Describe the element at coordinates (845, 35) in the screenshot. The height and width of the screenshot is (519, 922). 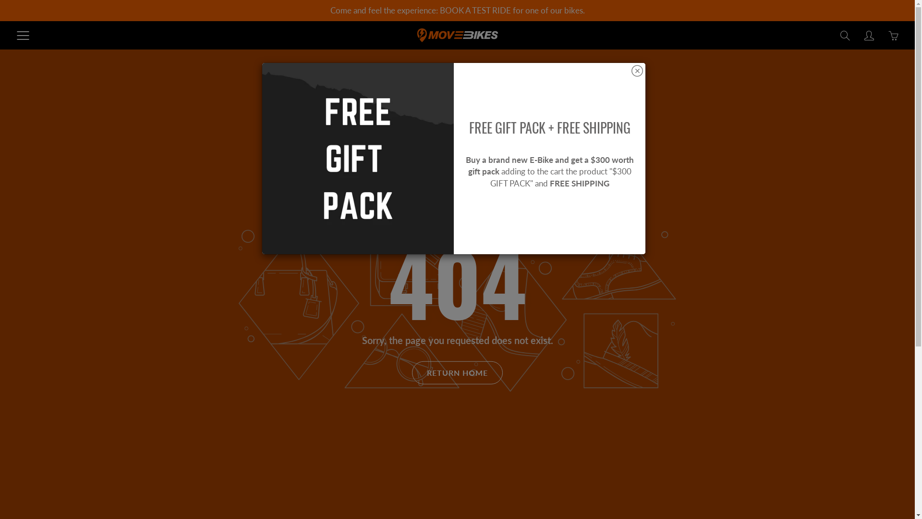
I see `'Search'` at that location.